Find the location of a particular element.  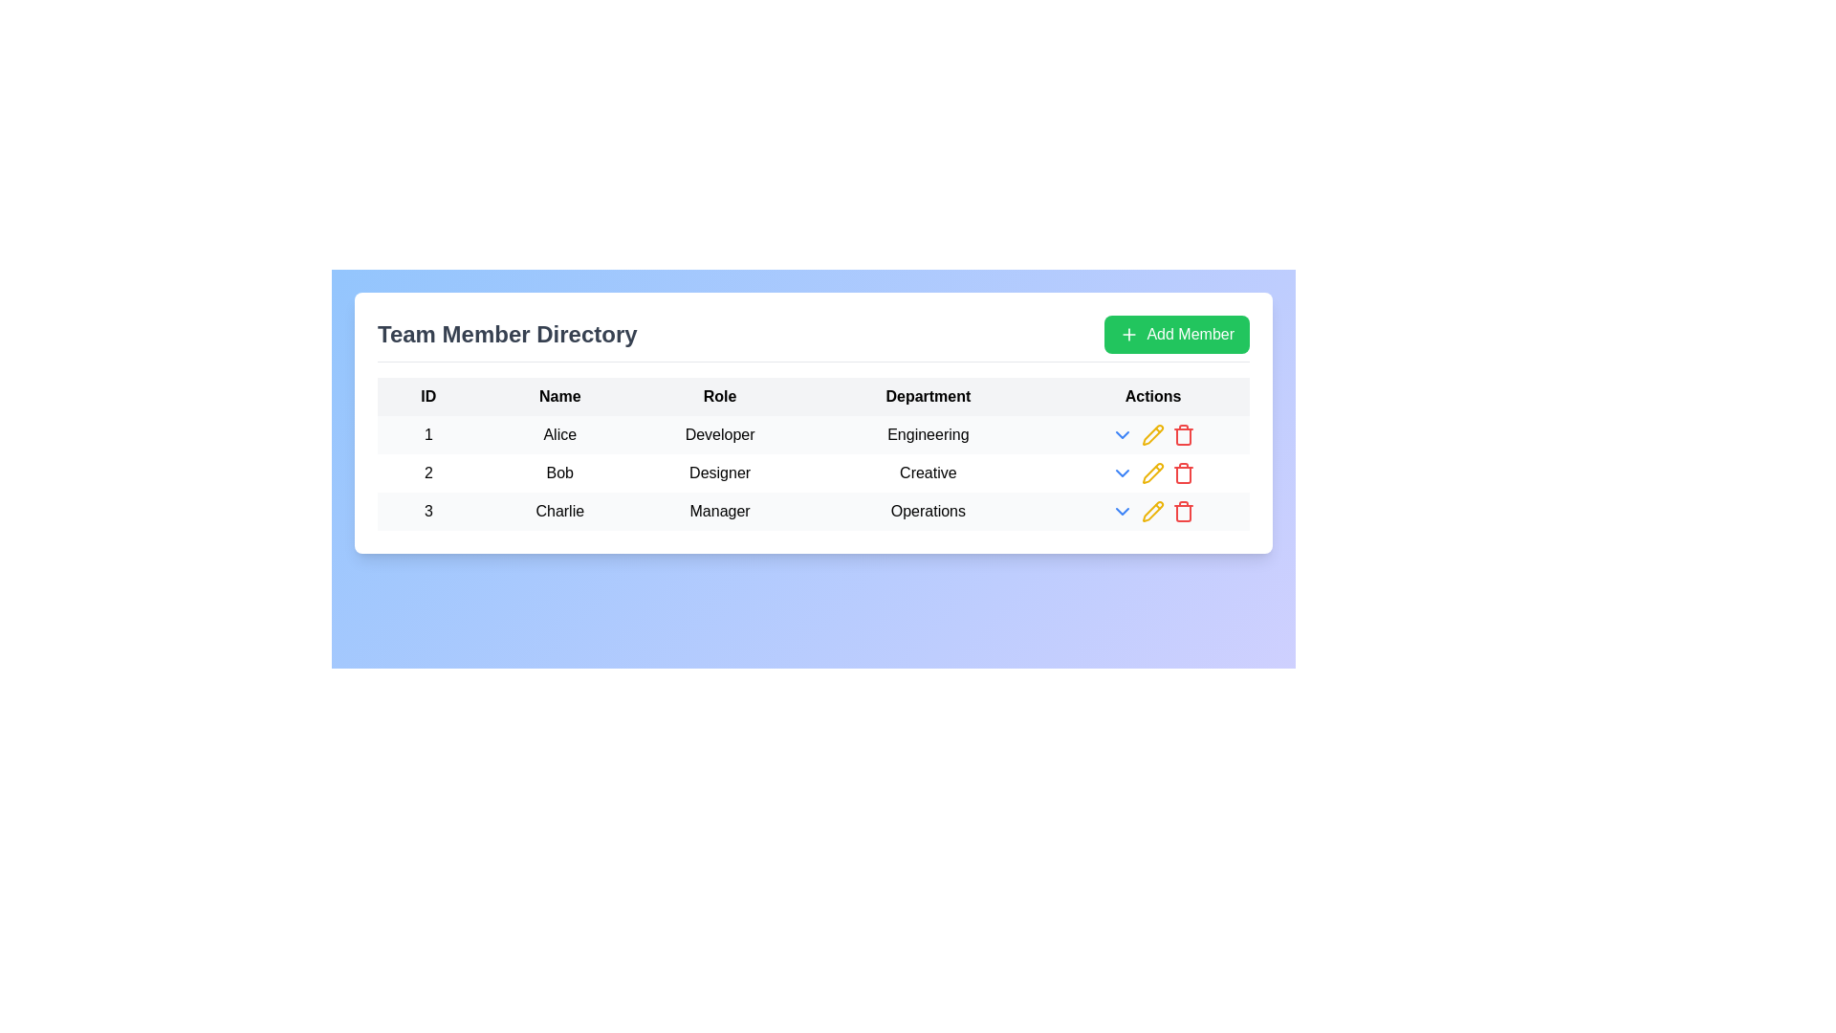

the text label displaying 'Engineering' in the Department column for Alice in the table is located at coordinates (928, 435).